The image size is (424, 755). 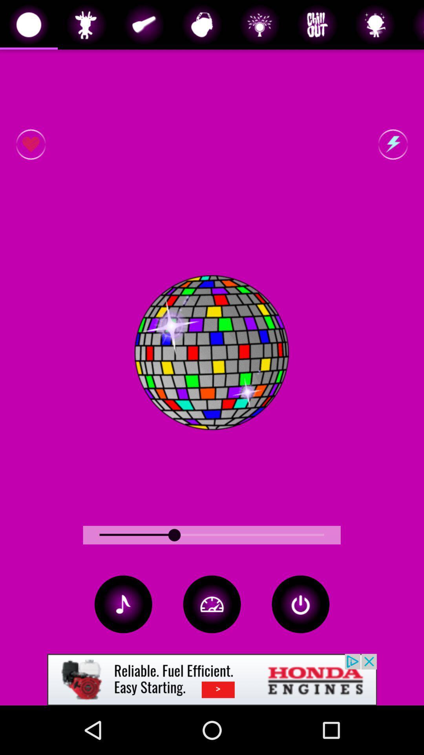 What do you see at coordinates (300, 604) in the screenshot?
I see `power` at bounding box center [300, 604].